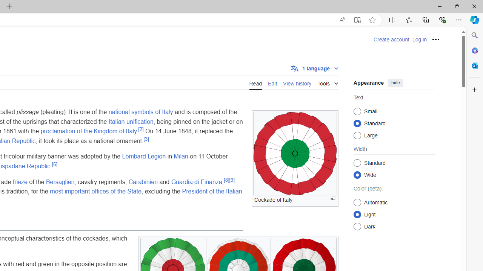  Describe the element at coordinates (357, 20) in the screenshot. I see `'Enter Immersive Reader (F9)'` at that location.